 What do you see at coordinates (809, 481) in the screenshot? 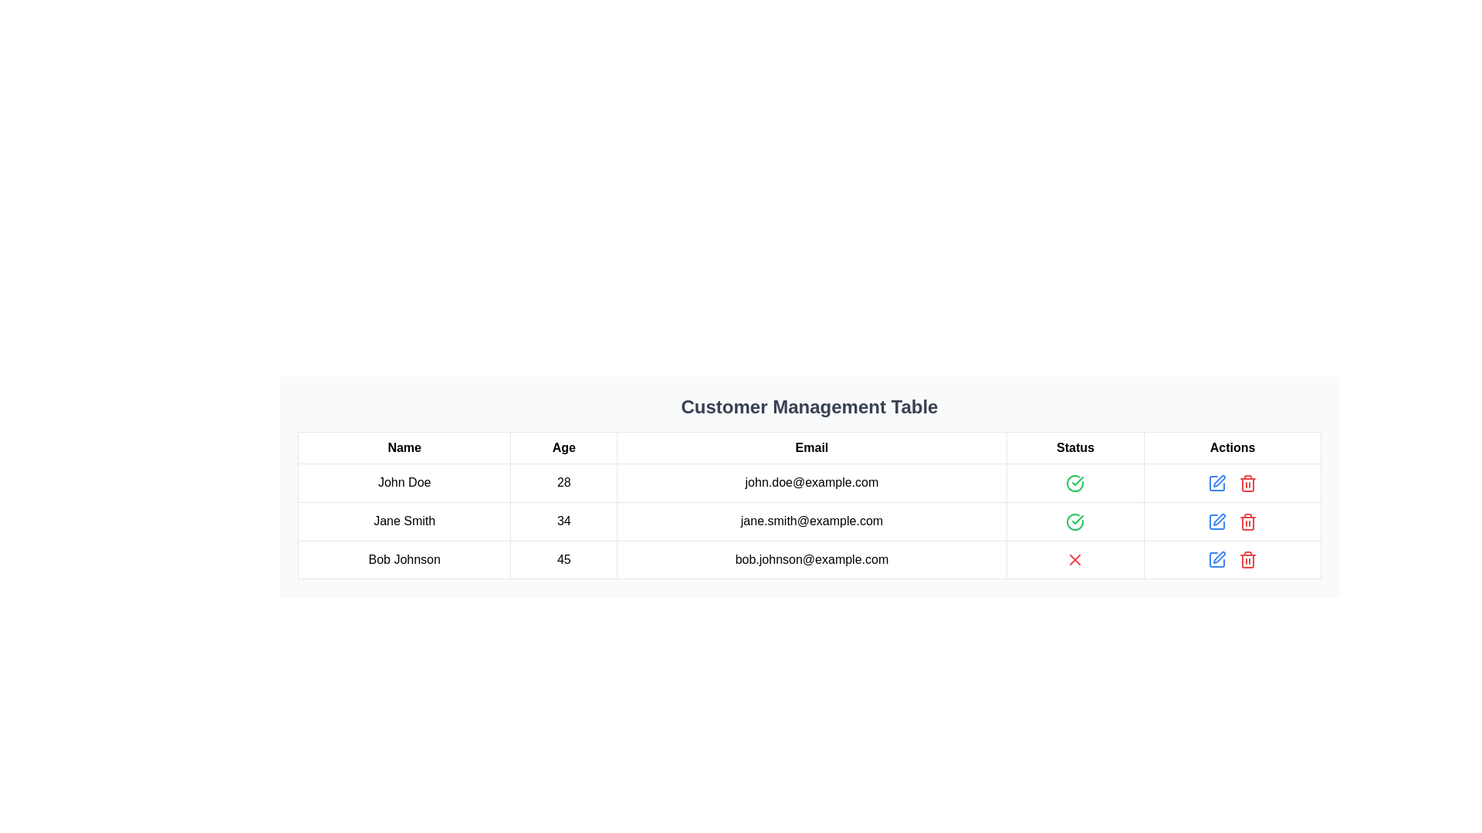
I see `the first row of the table containing 'John Doe', '28', 'john.doe@example.com', and a green checkmark` at bounding box center [809, 481].